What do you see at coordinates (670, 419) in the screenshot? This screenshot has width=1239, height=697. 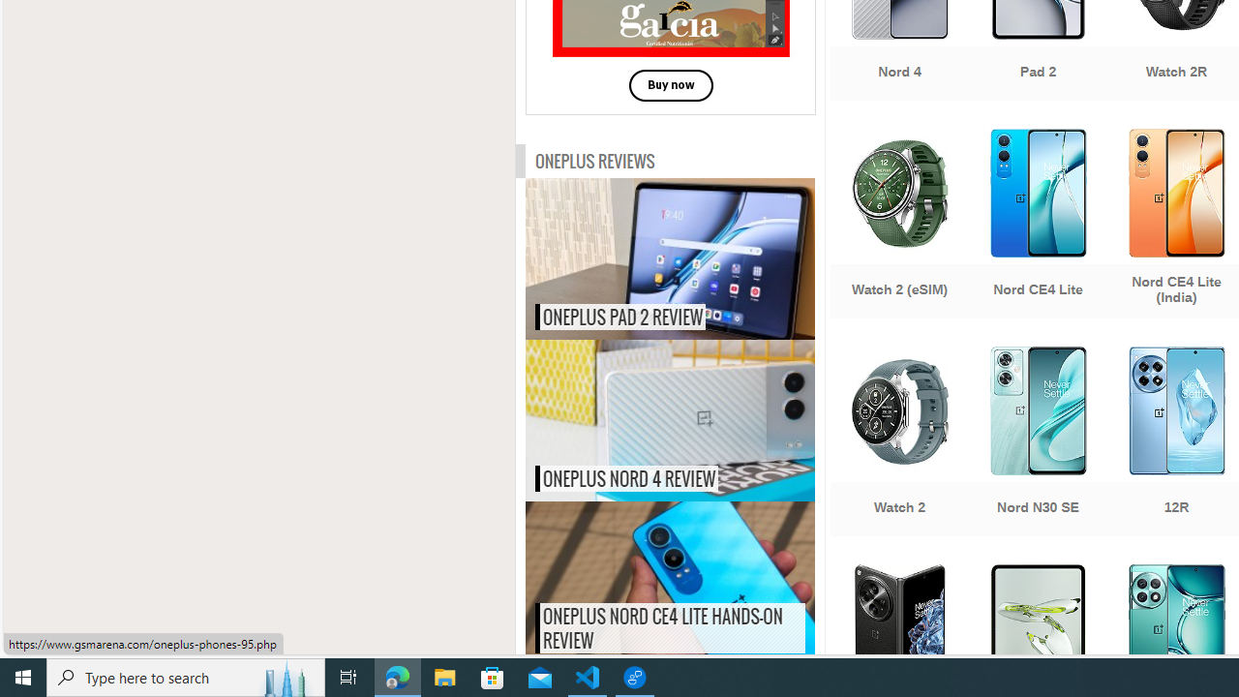 I see `'OnePlus Nord 4 review ONEPLUS NORD 4 REVIEW'` at bounding box center [670, 419].